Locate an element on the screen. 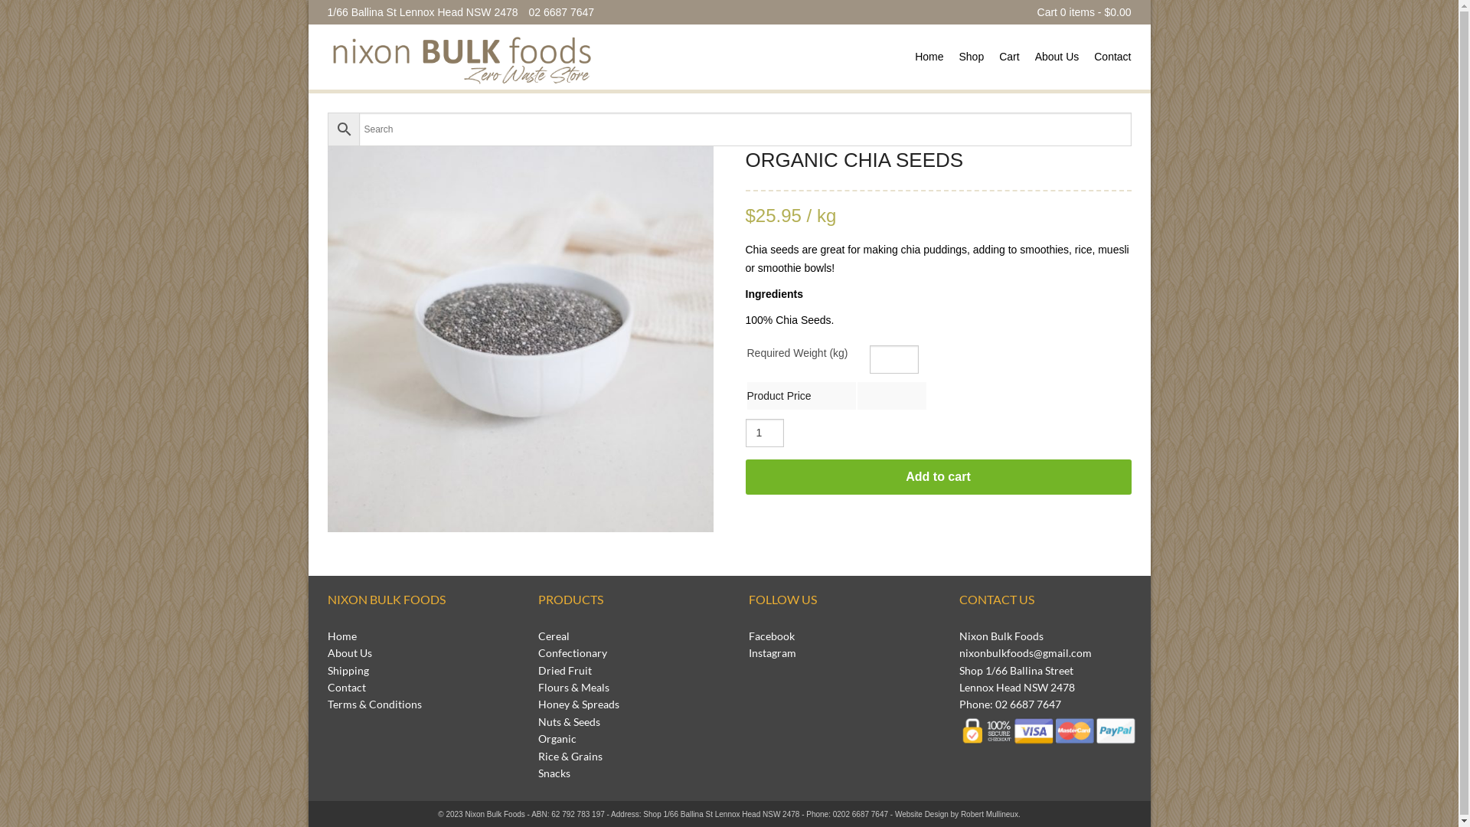 The width and height of the screenshot is (1470, 827). 'Home' is located at coordinates (907, 56).